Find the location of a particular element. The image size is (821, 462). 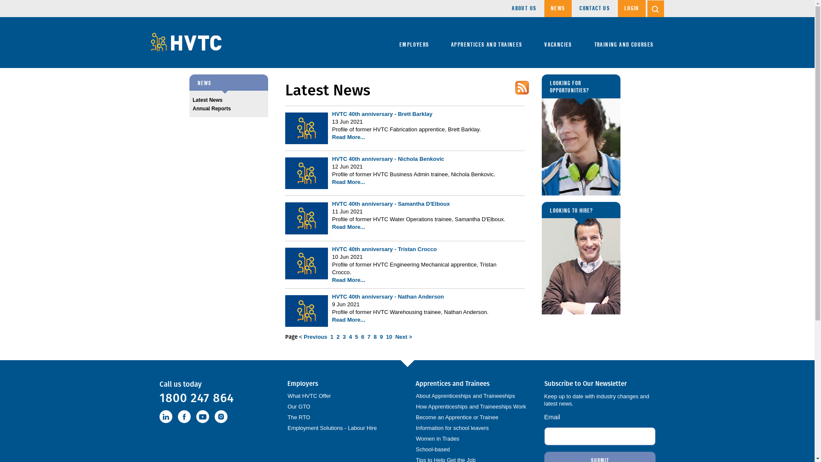

'10' is located at coordinates (389, 336).